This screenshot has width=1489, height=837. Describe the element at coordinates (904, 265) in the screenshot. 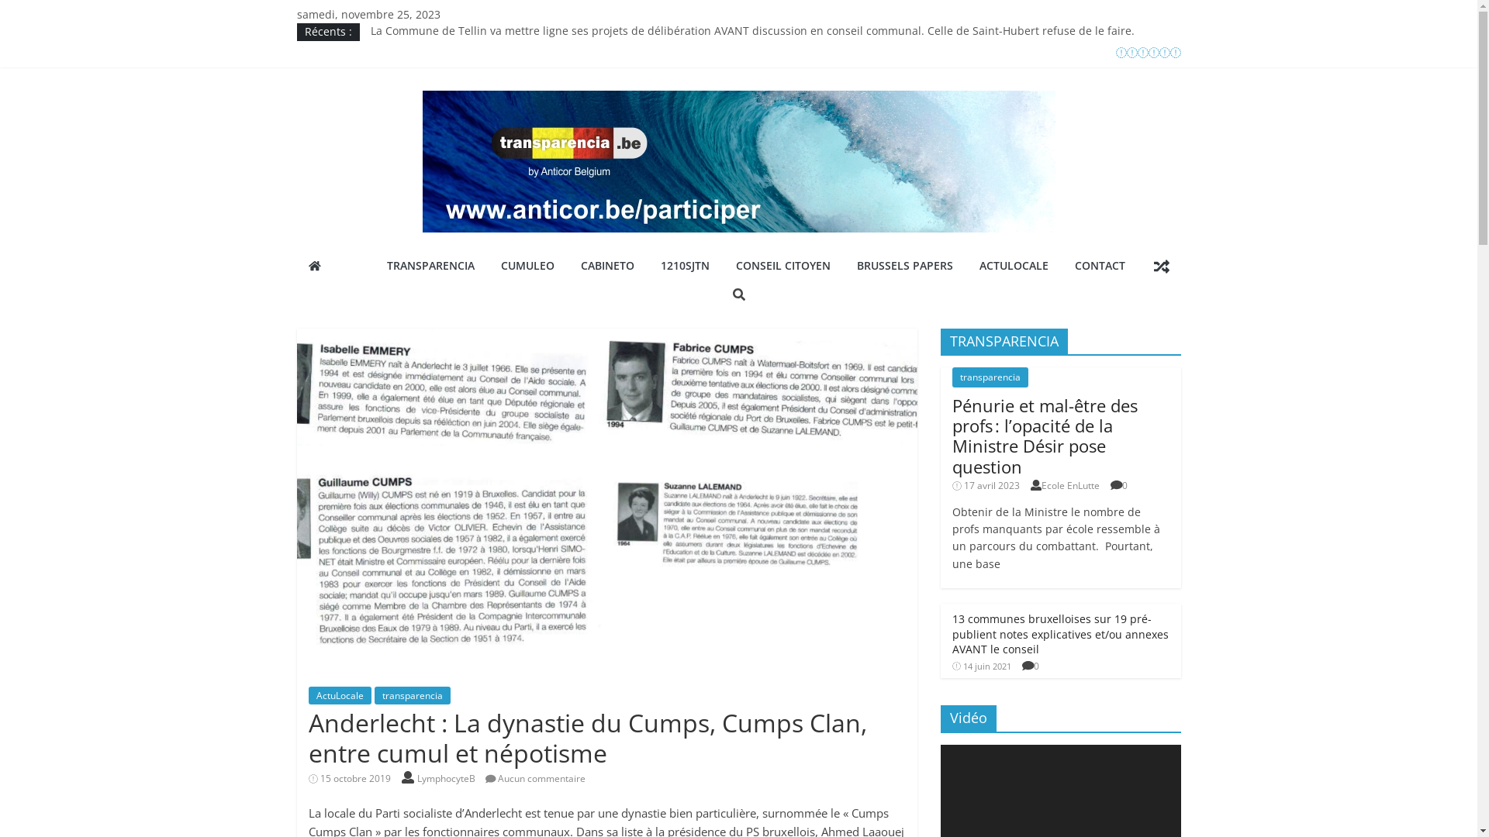

I see `'BRUSSELS PAPERS'` at that location.